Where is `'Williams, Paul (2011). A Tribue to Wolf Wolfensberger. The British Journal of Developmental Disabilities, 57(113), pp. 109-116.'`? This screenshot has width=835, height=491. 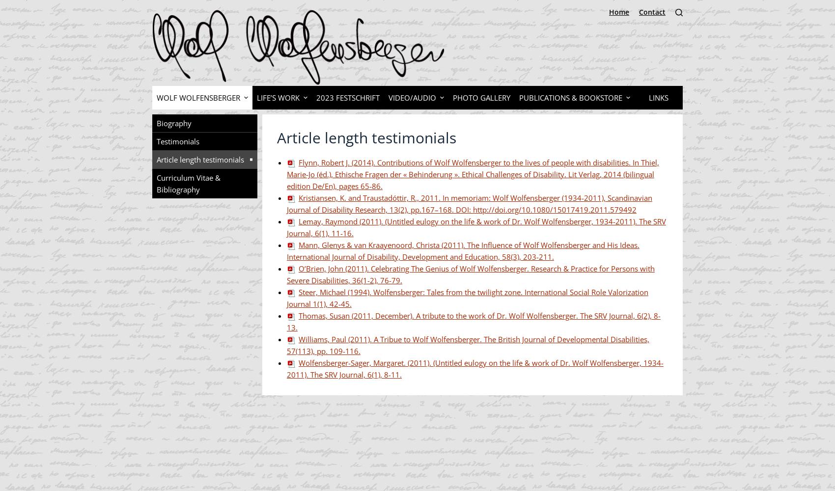
'Williams, Paul (2011). A Tribue to Wolf Wolfensberger. The British Journal of Developmental Disabilities, 57(113), pp. 109-116.' is located at coordinates (468, 345).